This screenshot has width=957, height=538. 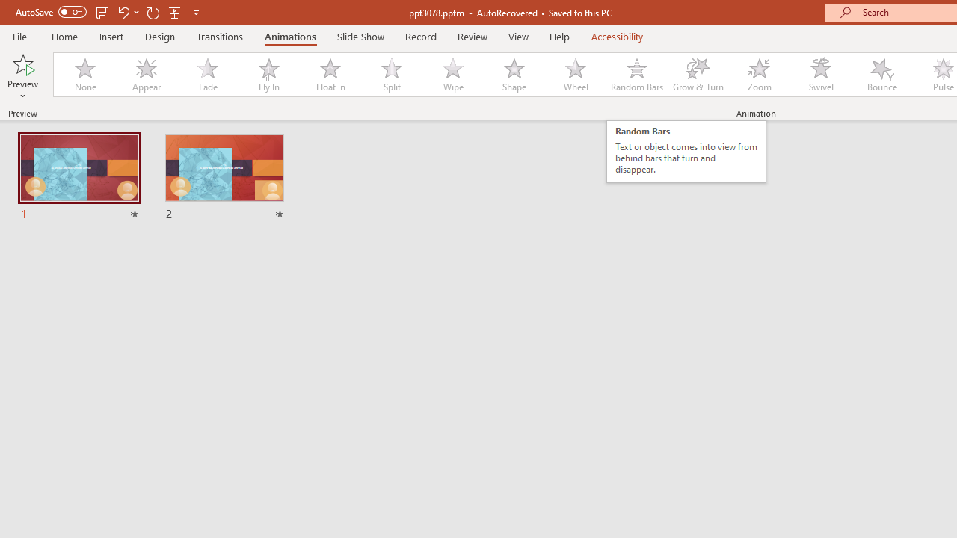 I want to click on 'Appear', so click(x=146, y=75).